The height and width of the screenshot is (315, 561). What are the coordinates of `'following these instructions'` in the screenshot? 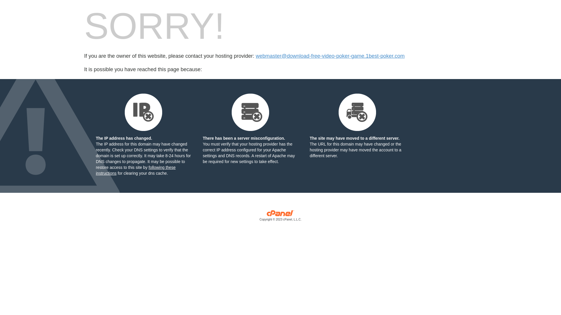 It's located at (135, 170).